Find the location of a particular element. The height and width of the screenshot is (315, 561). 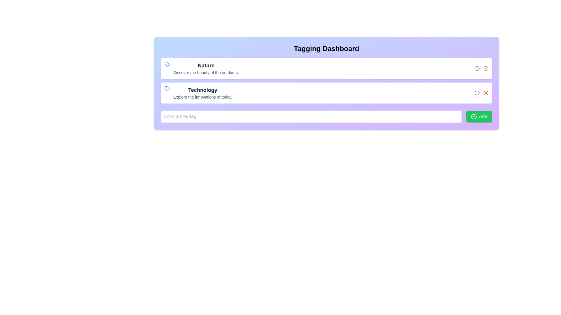

the red cross icon located on the right side of the Control Group in the Technology section is located at coordinates (481, 93).